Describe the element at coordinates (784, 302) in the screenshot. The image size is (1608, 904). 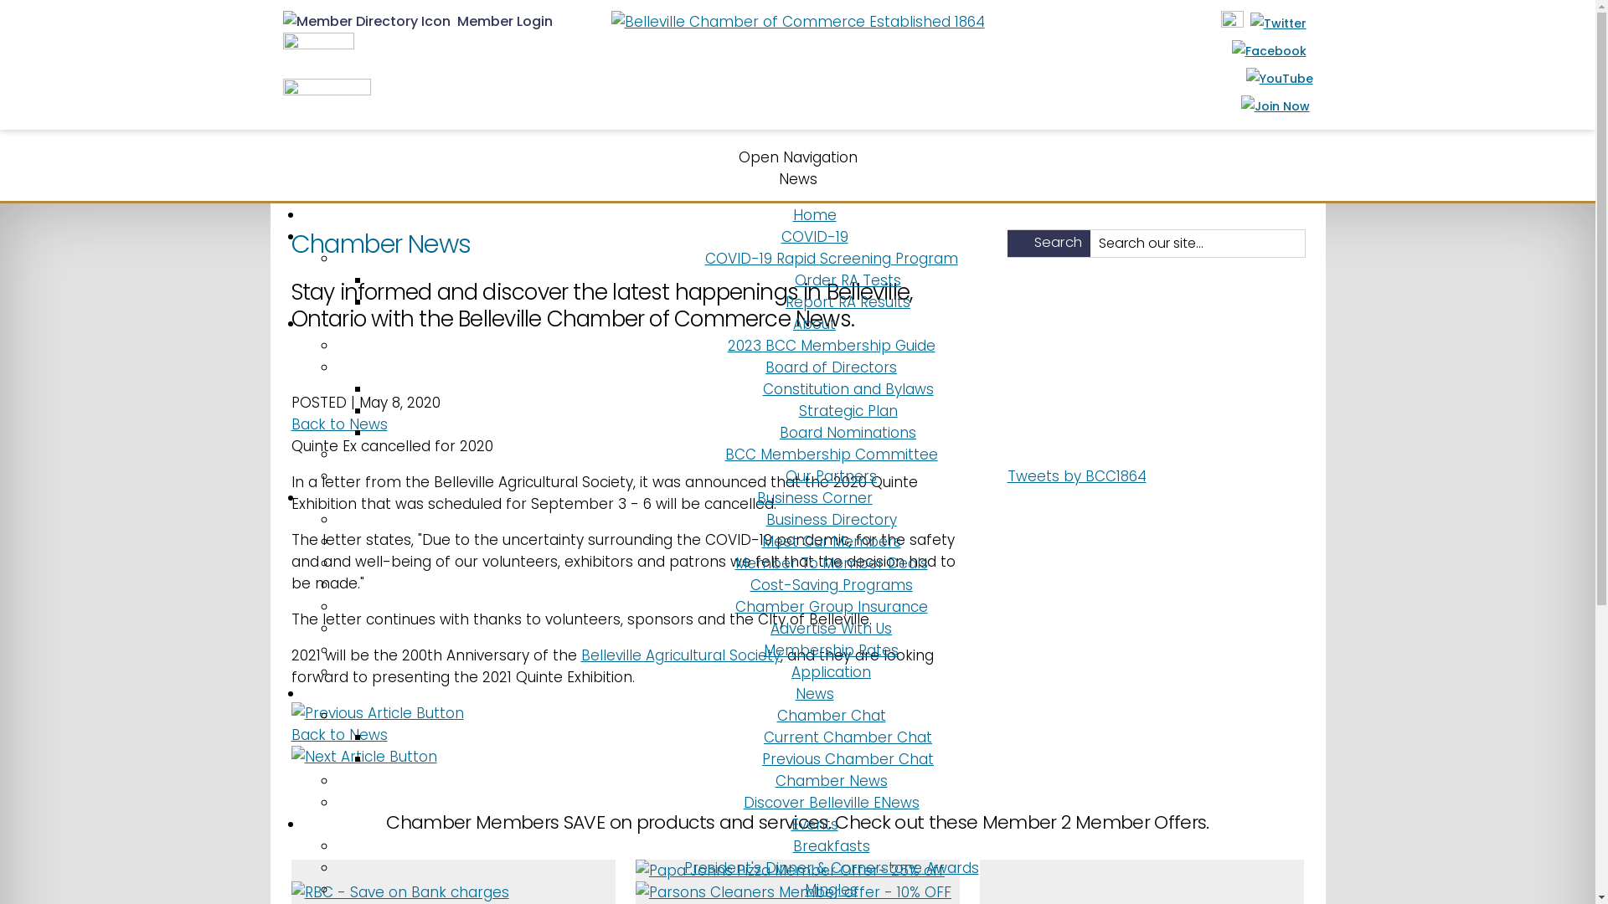
I see `'Report RA Results'` at that location.